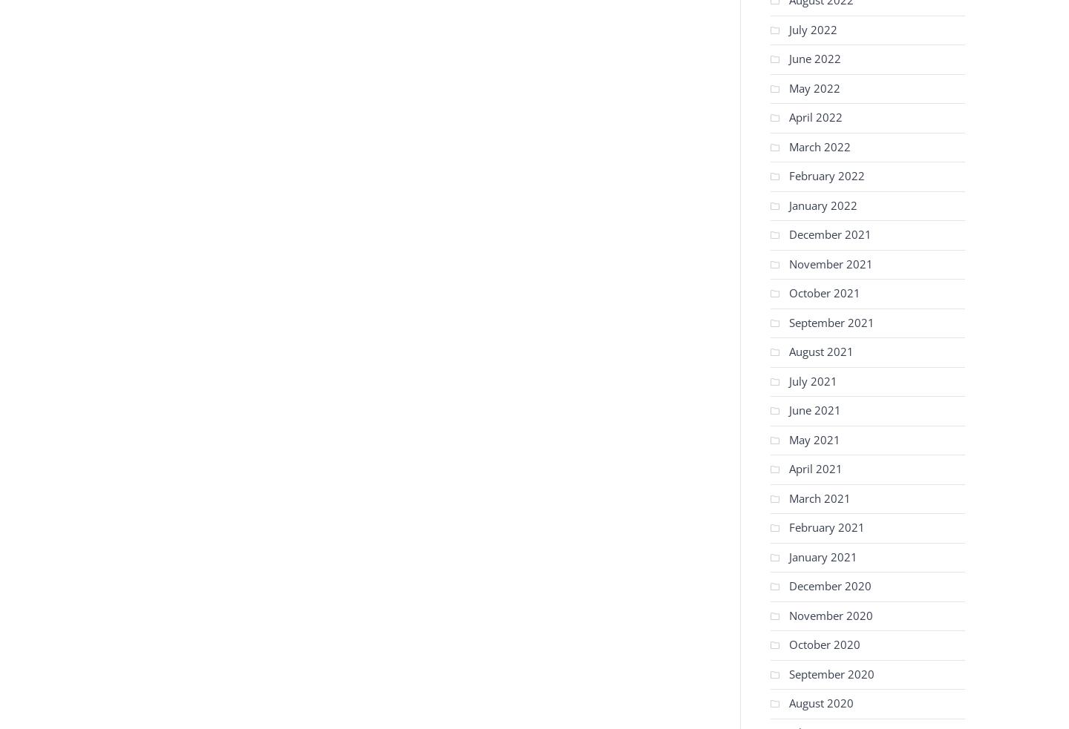  I want to click on 'November 2020', so click(830, 614).